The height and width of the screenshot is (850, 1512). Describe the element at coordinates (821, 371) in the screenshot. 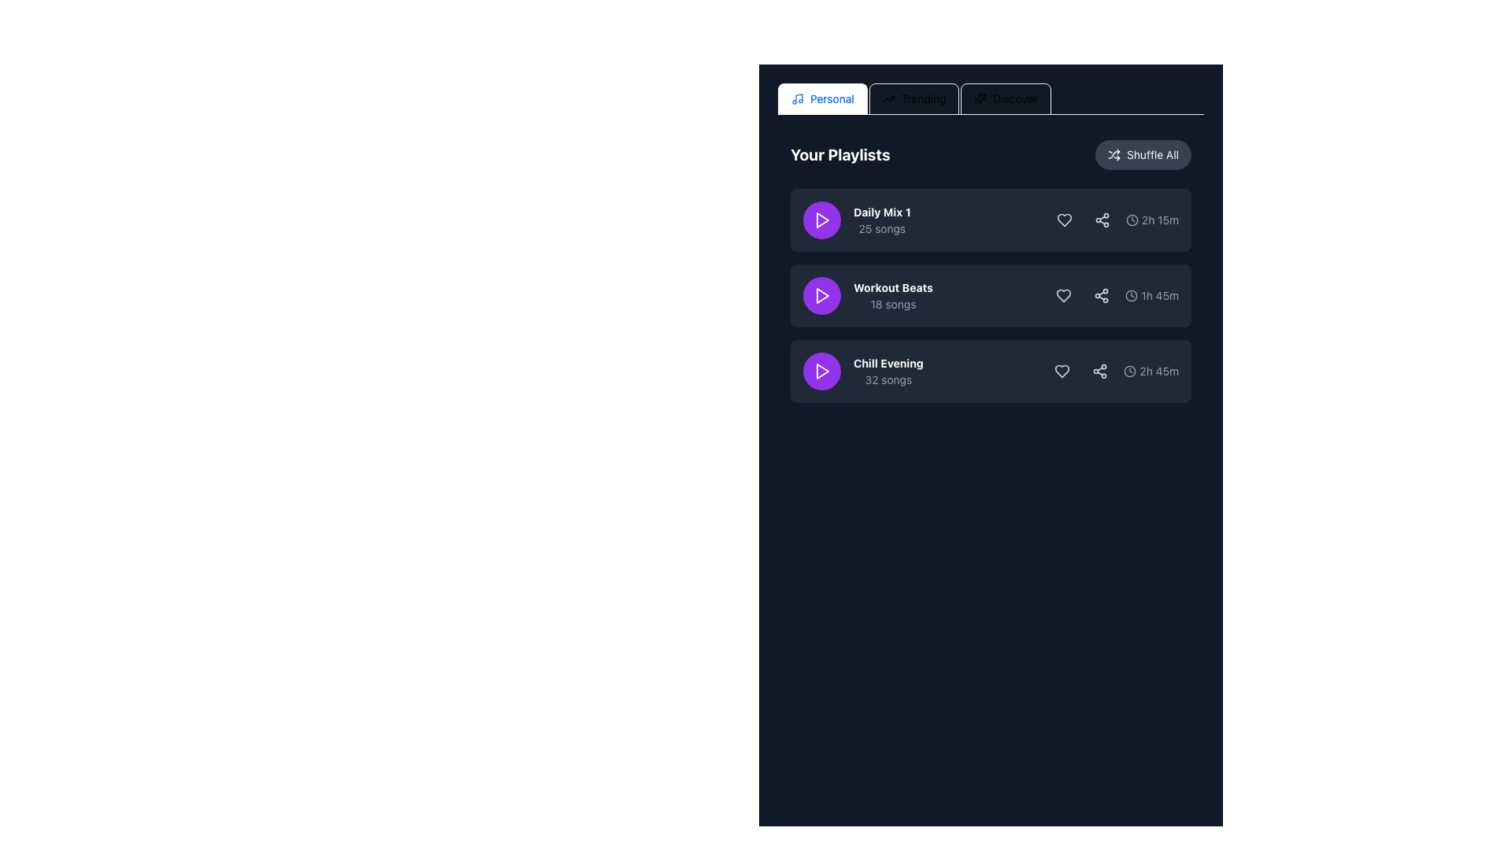

I see `the play button for the 'Chill Evening' playlist located at the leftmost part of the playlist card` at that location.